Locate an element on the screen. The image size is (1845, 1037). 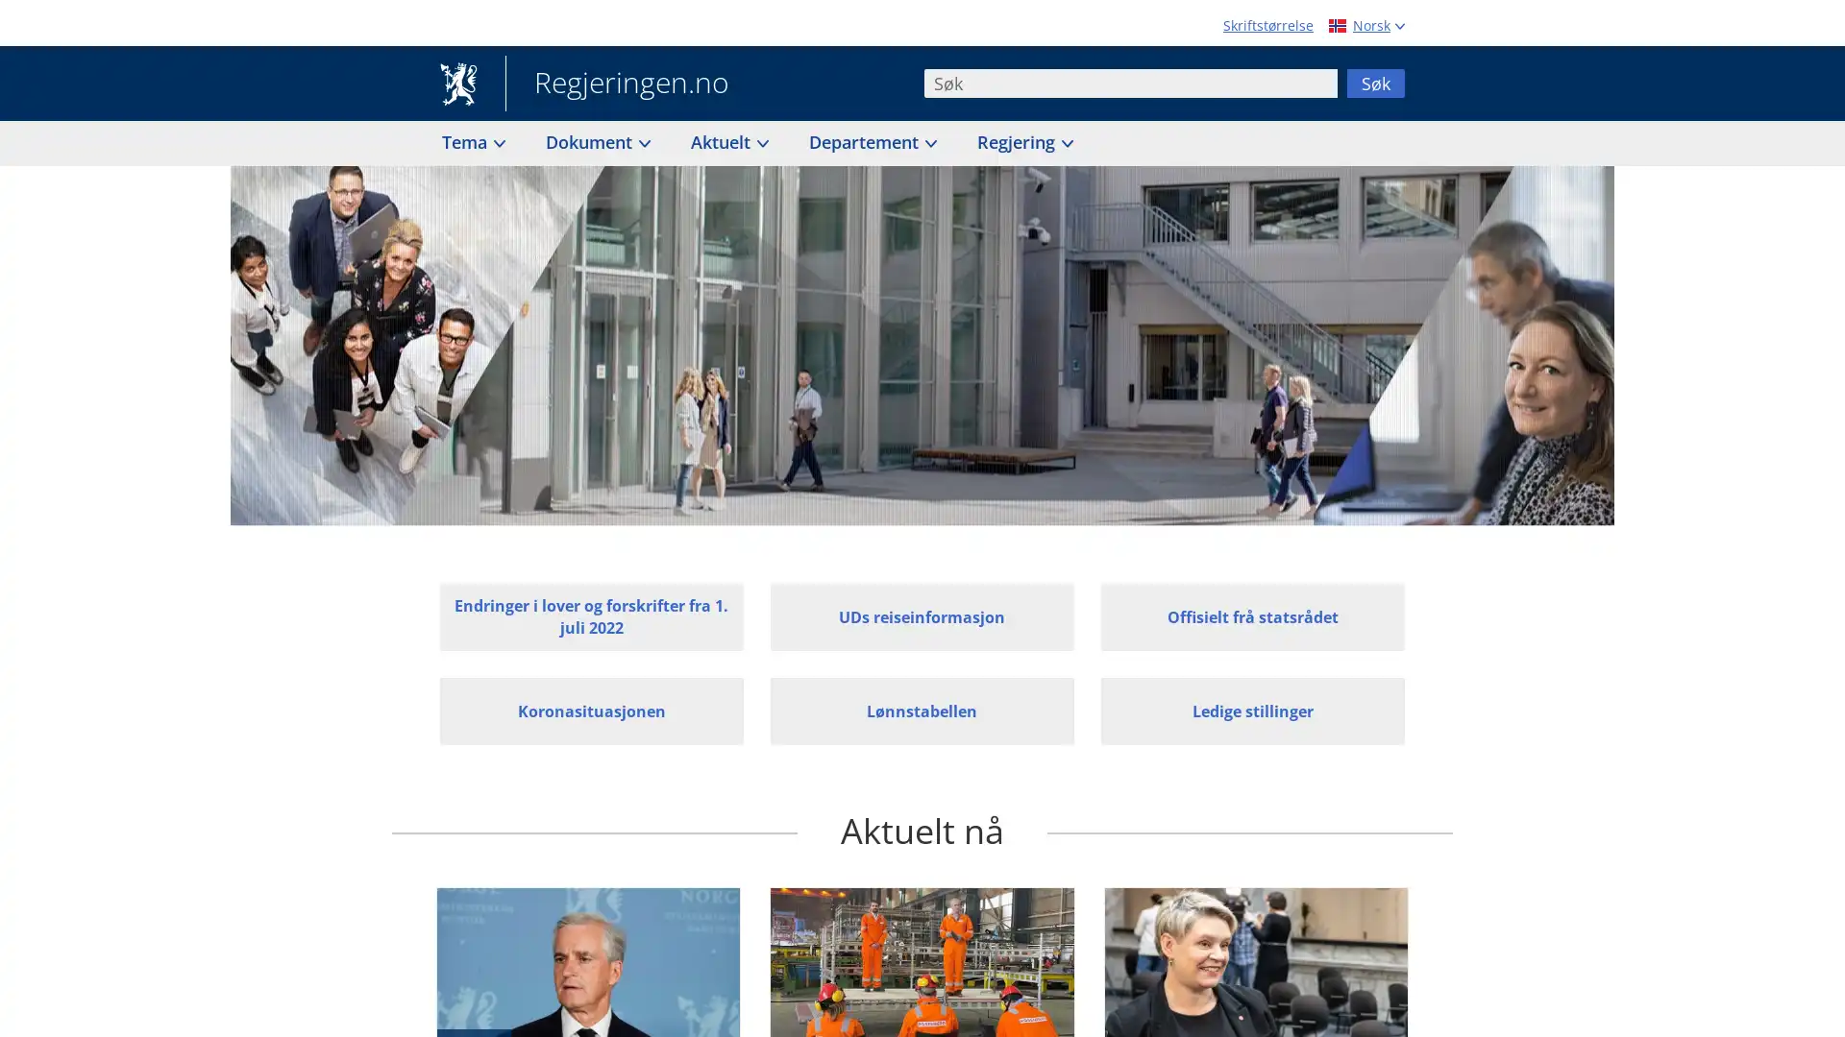
Tema is located at coordinates (472, 141).